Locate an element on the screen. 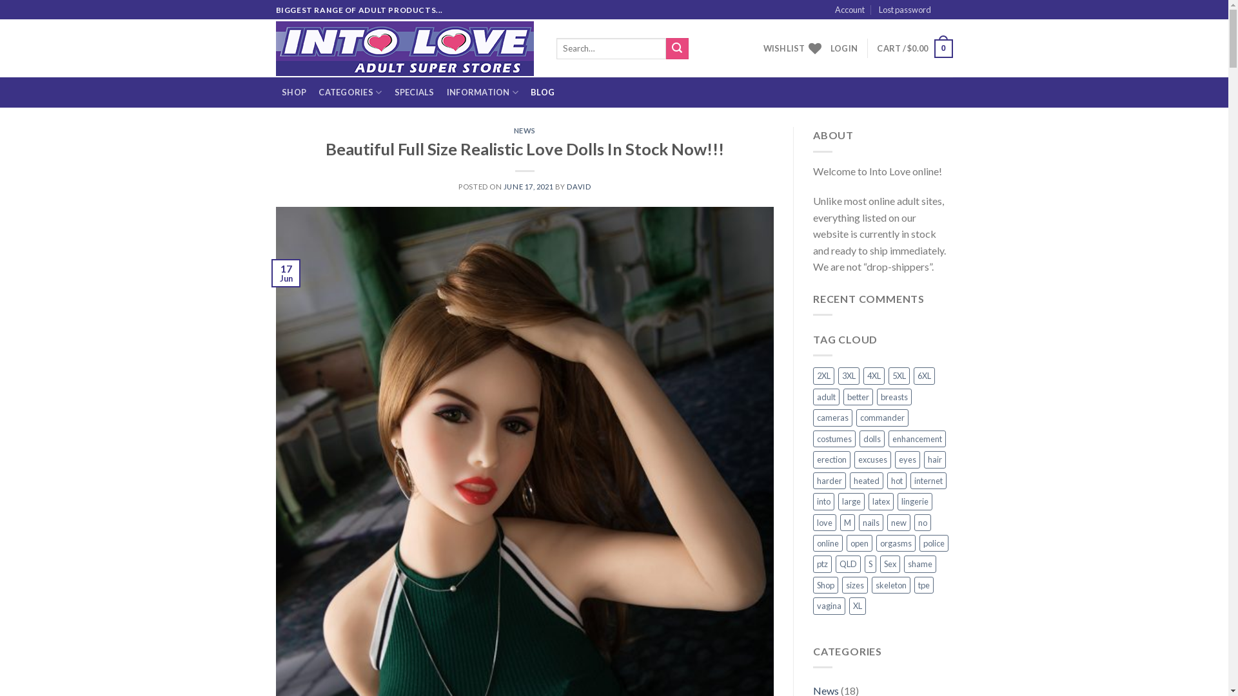  'M' is located at coordinates (847, 522).